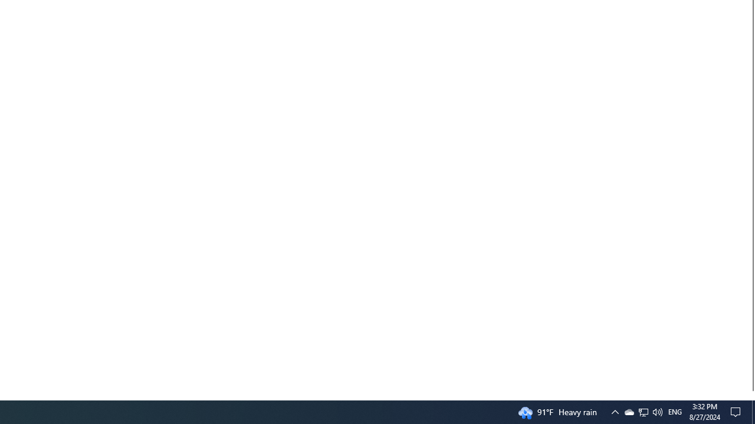 The image size is (755, 424). I want to click on 'User Promoted Notification Area', so click(643, 411).